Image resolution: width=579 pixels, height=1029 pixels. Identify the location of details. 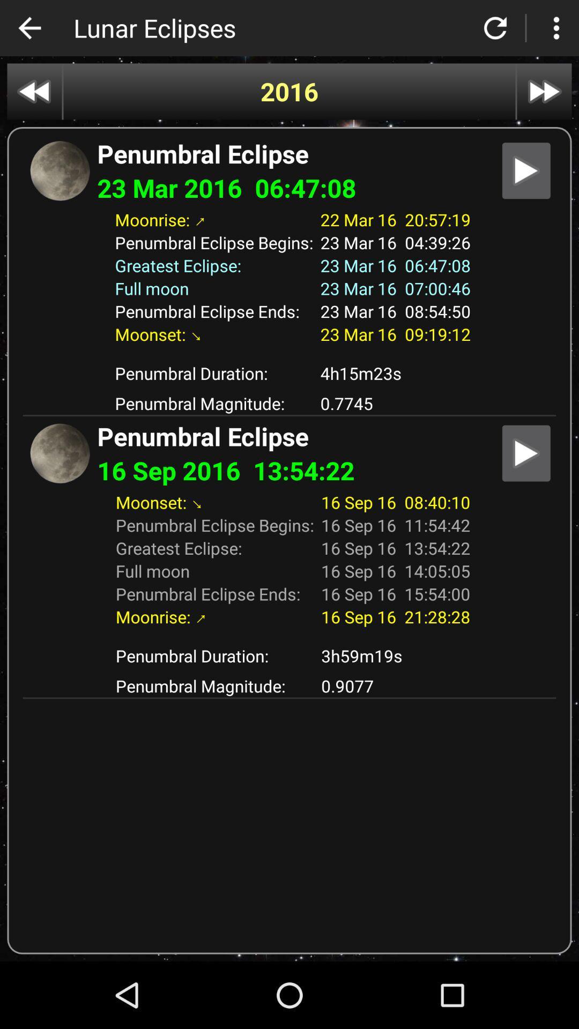
(525, 453).